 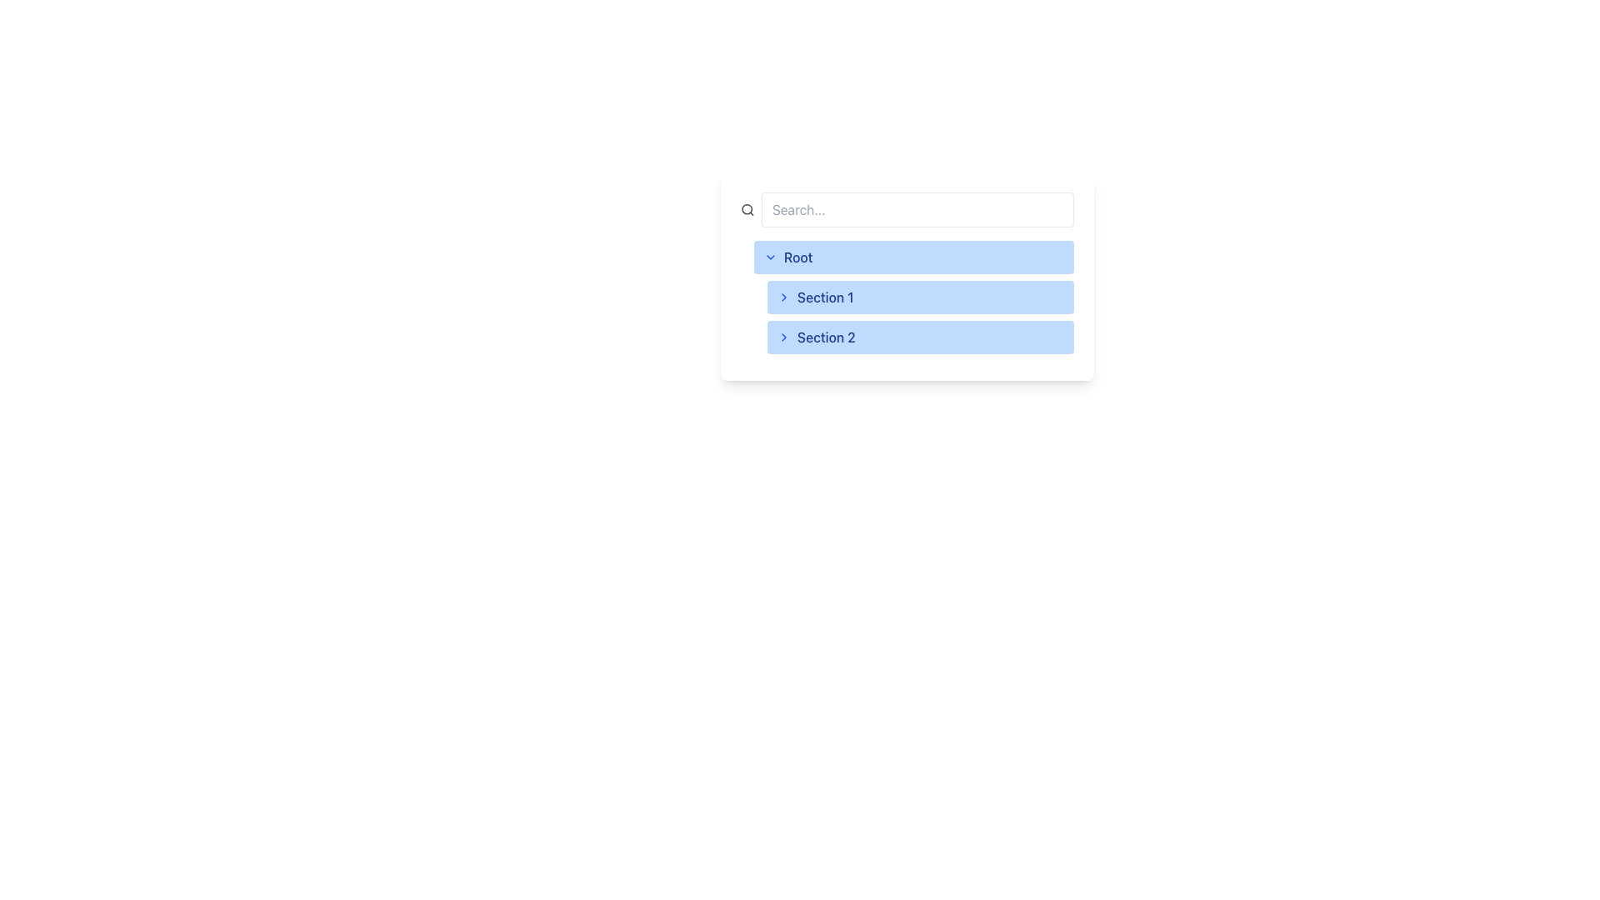 I want to click on the 'Root' Label element, which is displayed in bold blue font and is part of the navigation menu, positioned next to a chevron icon, so click(x=797, y=257).